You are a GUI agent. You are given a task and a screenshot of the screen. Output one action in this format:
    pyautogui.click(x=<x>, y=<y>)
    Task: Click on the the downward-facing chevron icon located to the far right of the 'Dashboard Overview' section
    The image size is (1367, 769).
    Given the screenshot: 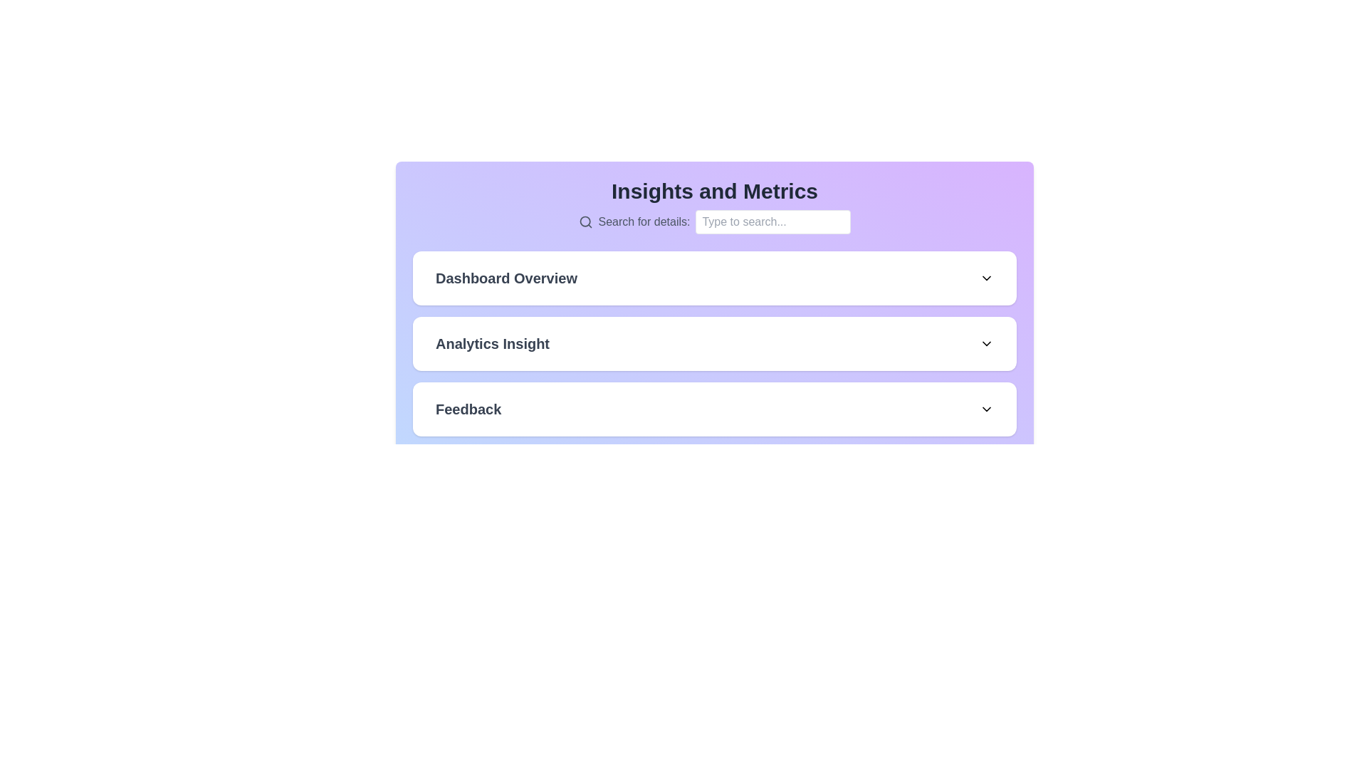 What is the action you would take?
    pyautogui.click(x=986, y=278)
    